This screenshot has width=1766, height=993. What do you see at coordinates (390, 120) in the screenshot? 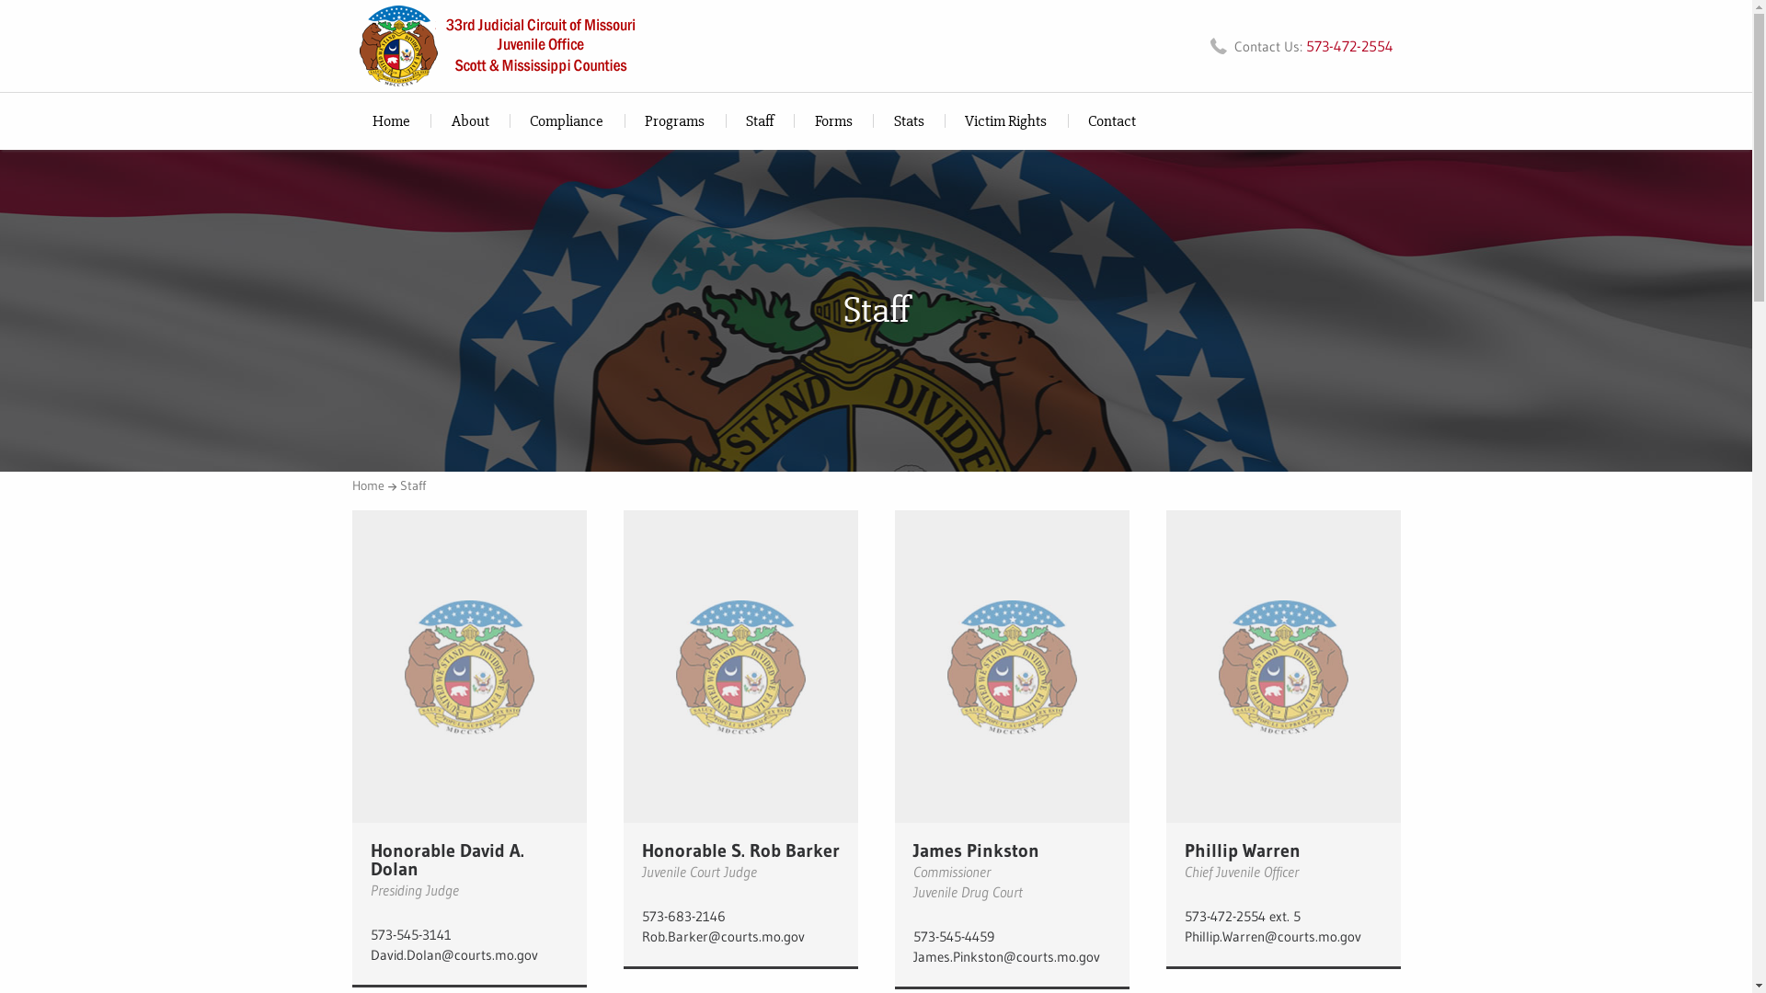
I see `'Home'` at bounding box center [390, 120].